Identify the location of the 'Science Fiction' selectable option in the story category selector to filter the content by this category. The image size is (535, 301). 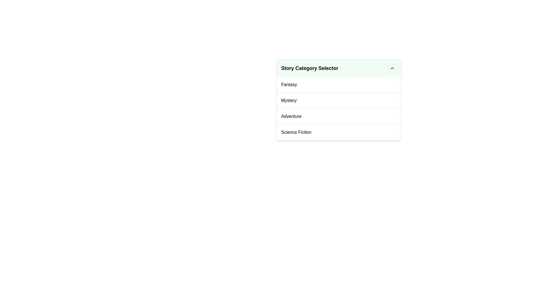
(296, 132).